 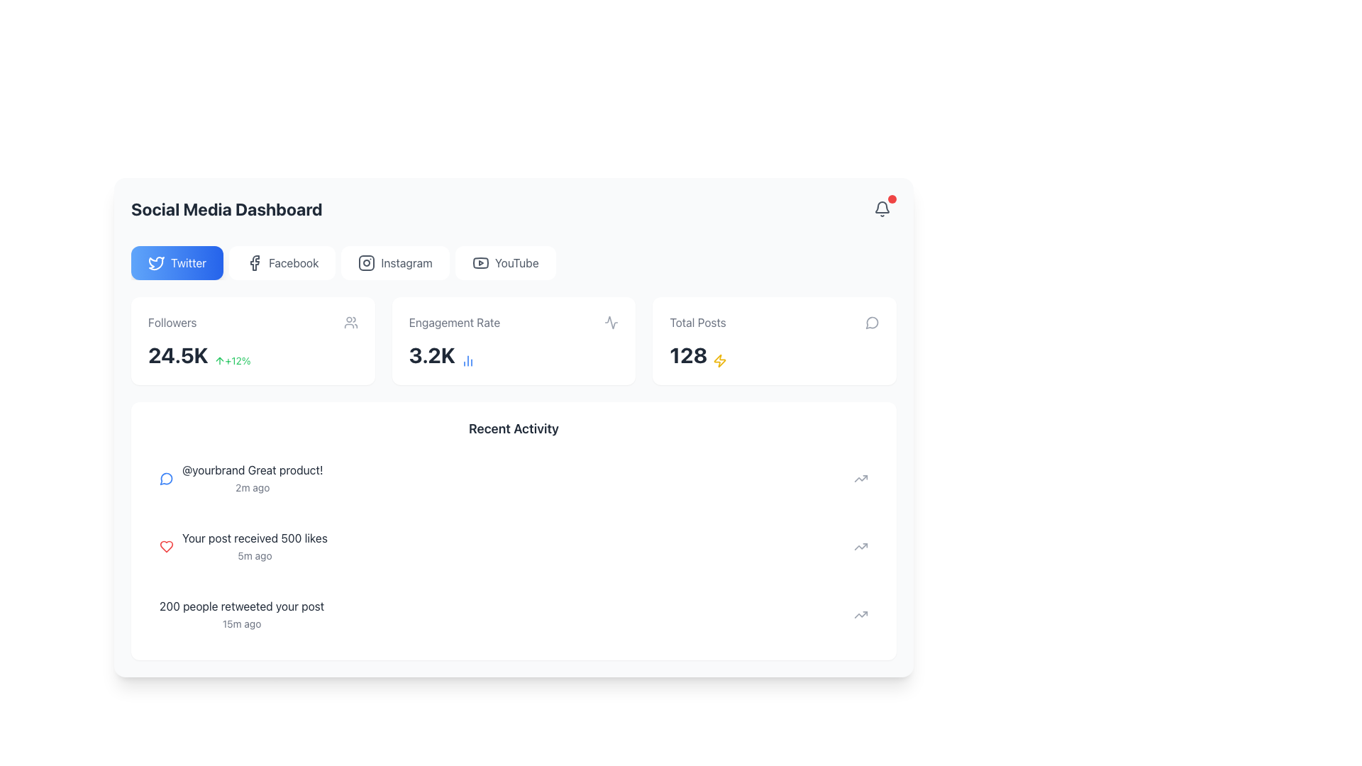 What do you see at coordinates (891, 199) in the screenshot?
I see `the small, bright red circular badge that protrudes from the top-right corner of the bell-shaped notification icon located in the top-right corner of the interface` at bounding box center [891, 199].